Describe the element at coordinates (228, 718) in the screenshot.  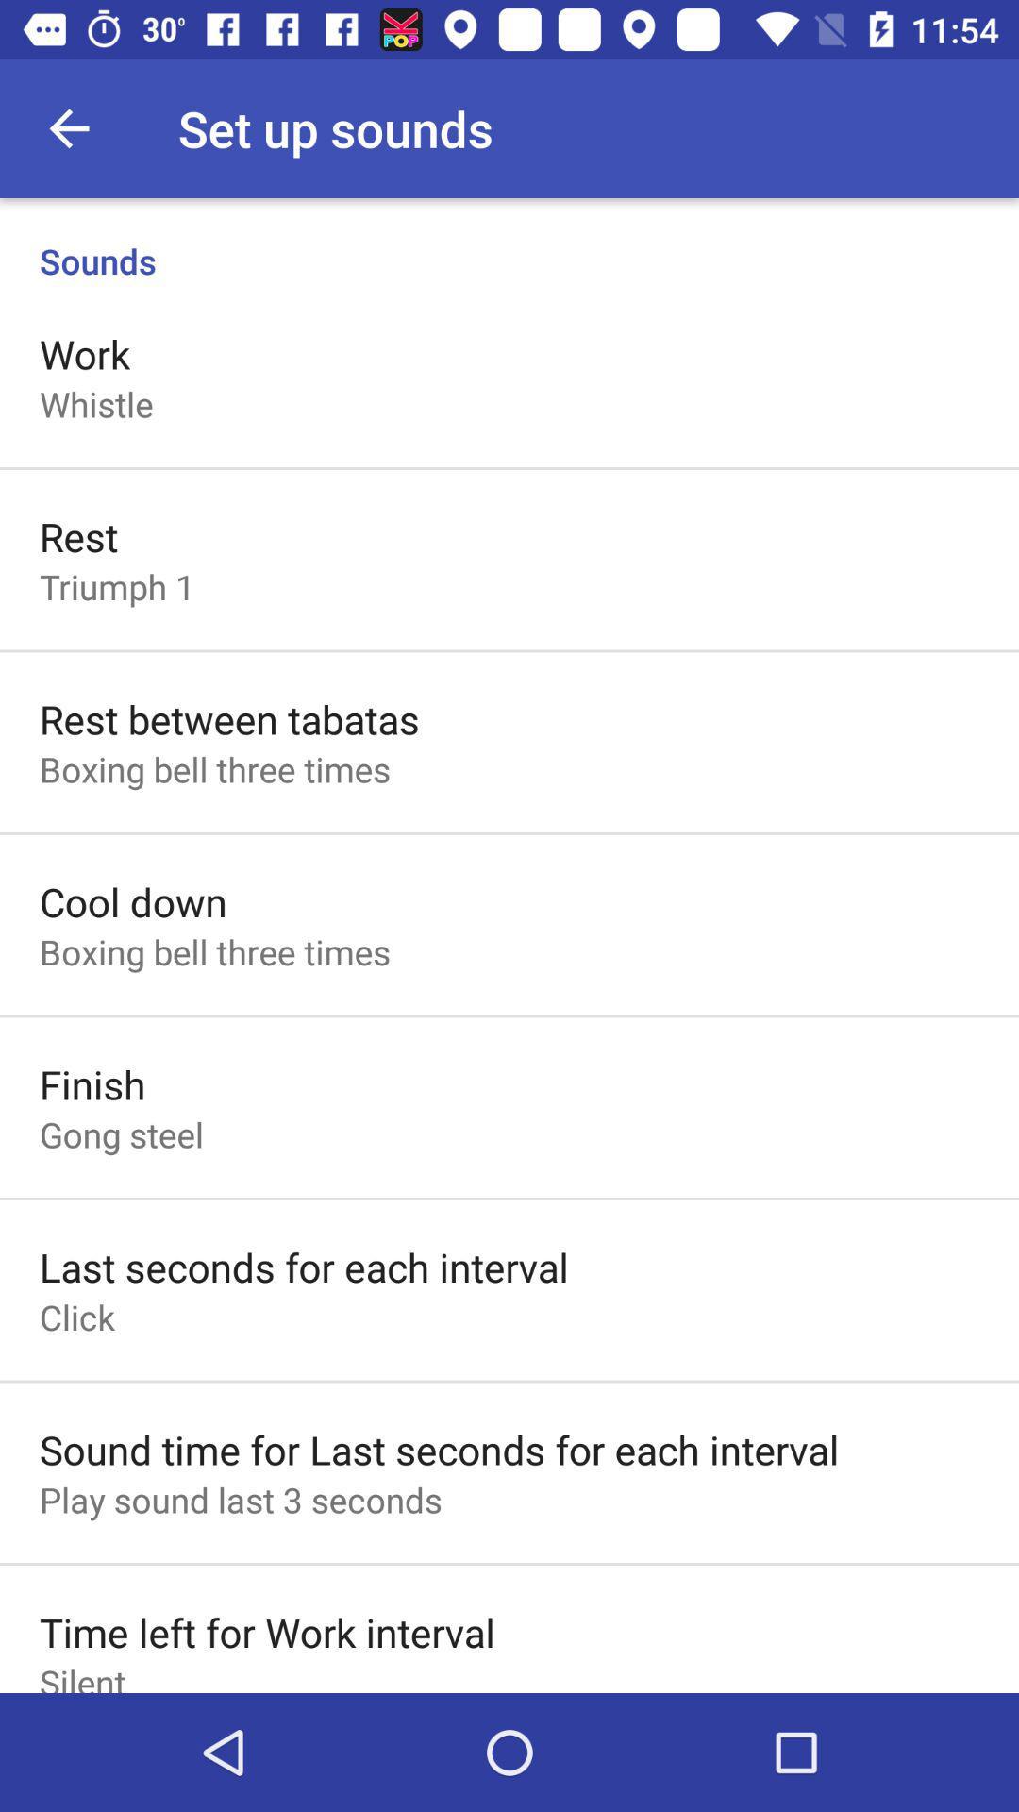
I see `icon below the triumph 1` at that location.